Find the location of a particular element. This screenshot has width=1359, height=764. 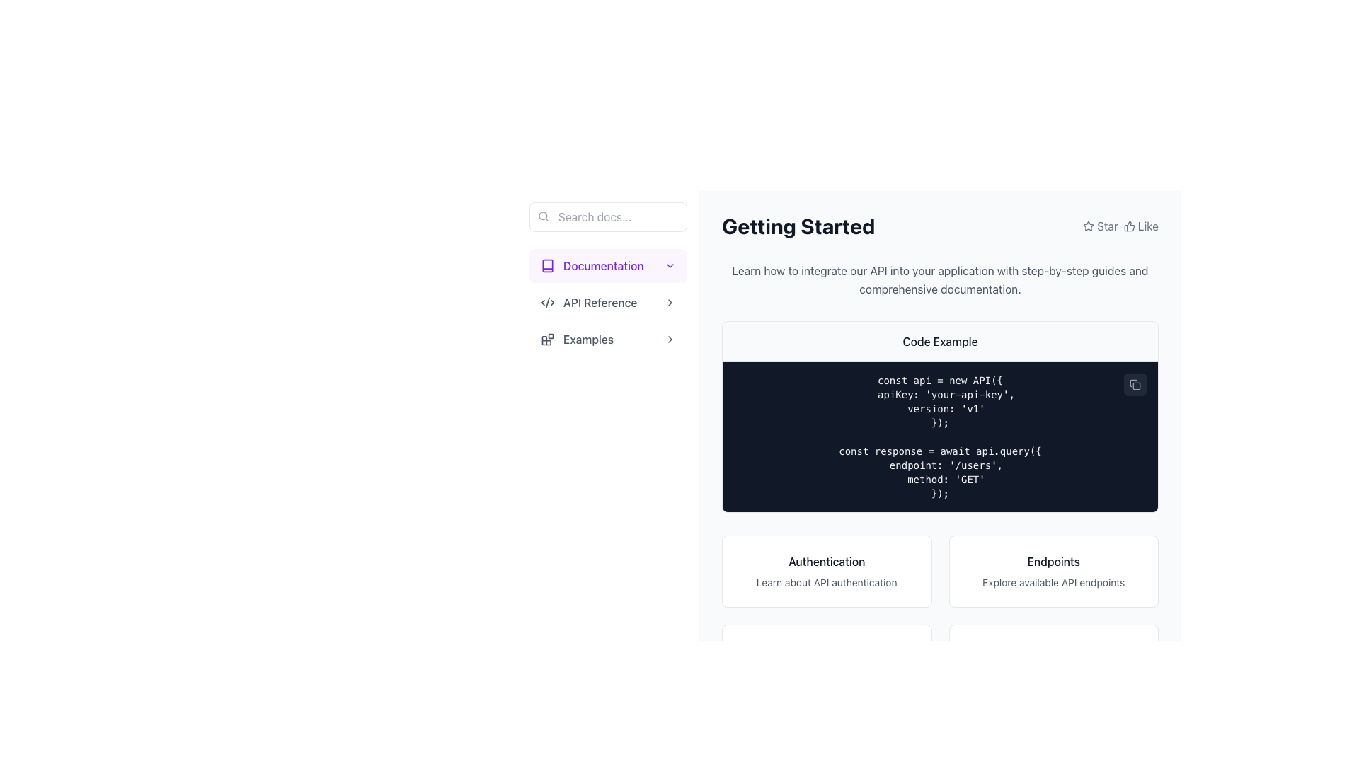

the 'Examples' navigation icon located in the left navigation menu, positioned to the left of the 'Examples' text and chevron icon is located at coordinates (546, 339).